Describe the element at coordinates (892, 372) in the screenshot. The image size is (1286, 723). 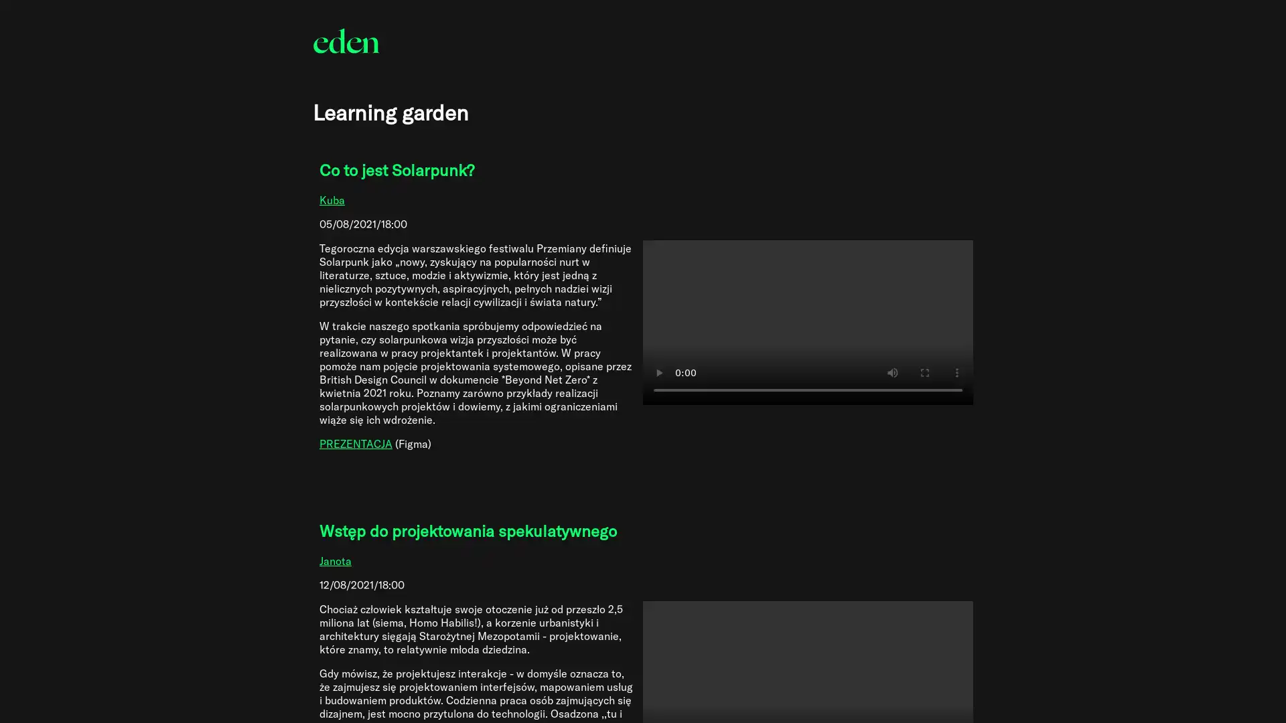
I see `mute` at that location.